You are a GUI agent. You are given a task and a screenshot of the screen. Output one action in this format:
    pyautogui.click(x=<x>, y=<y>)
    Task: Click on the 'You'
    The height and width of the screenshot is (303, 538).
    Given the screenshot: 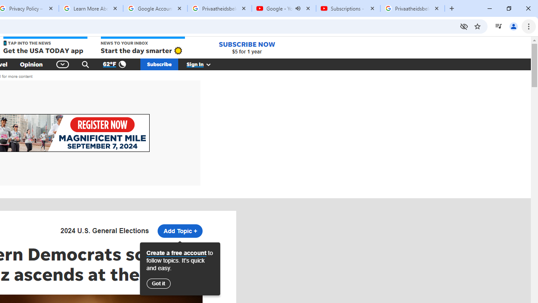 What is the action you would take?
    pyautogui.click(x=513, y=26)
    